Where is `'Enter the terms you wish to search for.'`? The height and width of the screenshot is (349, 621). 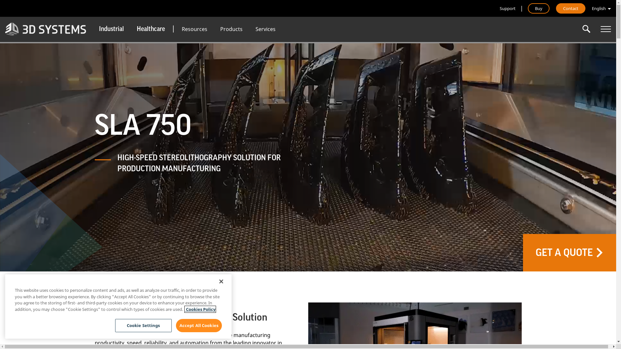
'Enter the terms you wish to search for.' is located at coordinates (586, 28).